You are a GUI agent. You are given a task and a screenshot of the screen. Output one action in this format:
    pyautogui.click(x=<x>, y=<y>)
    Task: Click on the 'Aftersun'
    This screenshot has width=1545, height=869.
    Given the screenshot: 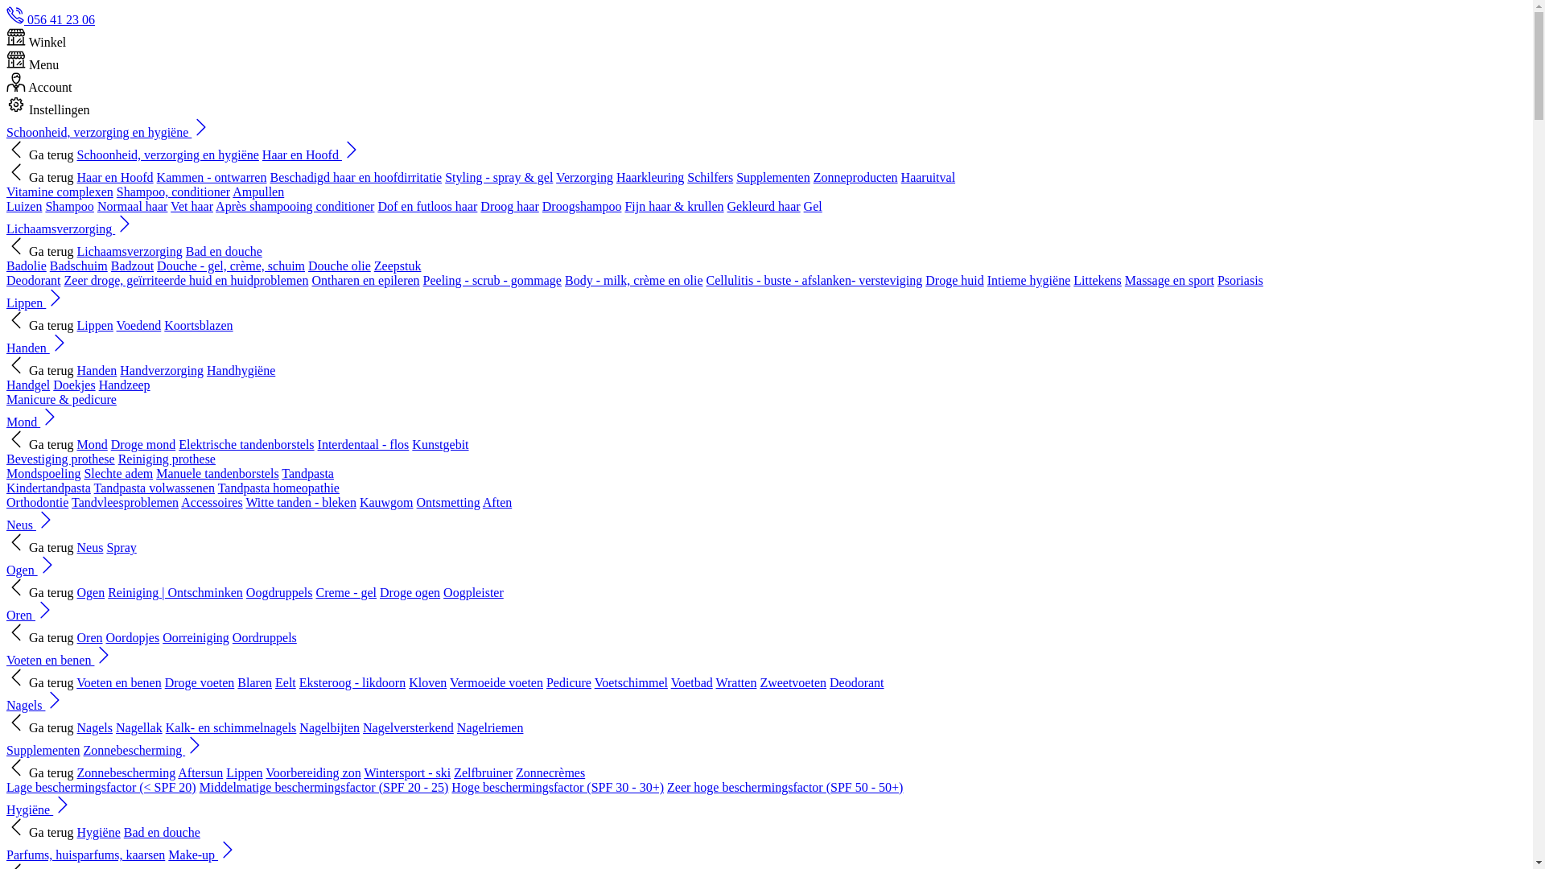 What is the action you would take?
    pyautogui.click(x=200, y=772)
    